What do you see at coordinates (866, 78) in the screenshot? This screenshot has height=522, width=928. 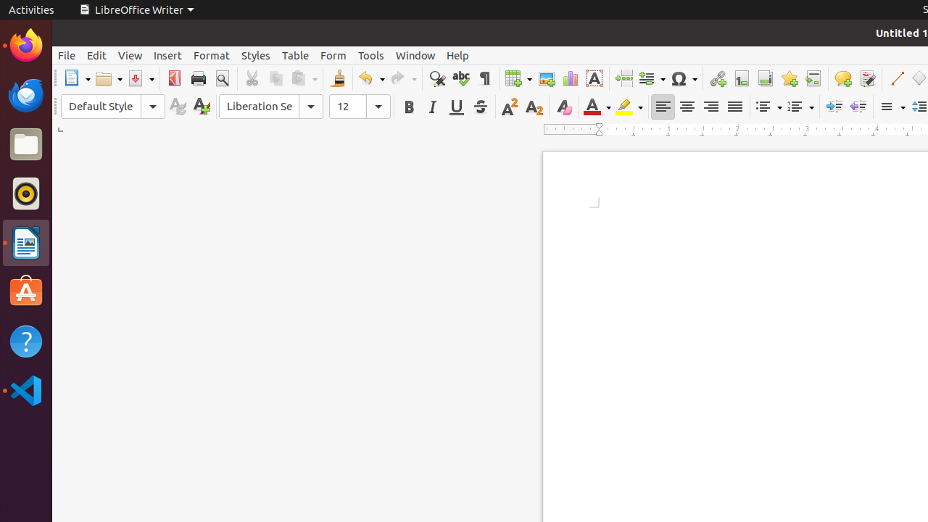 I see `'Track Changes Functions'` at bounding box center [866, 78].